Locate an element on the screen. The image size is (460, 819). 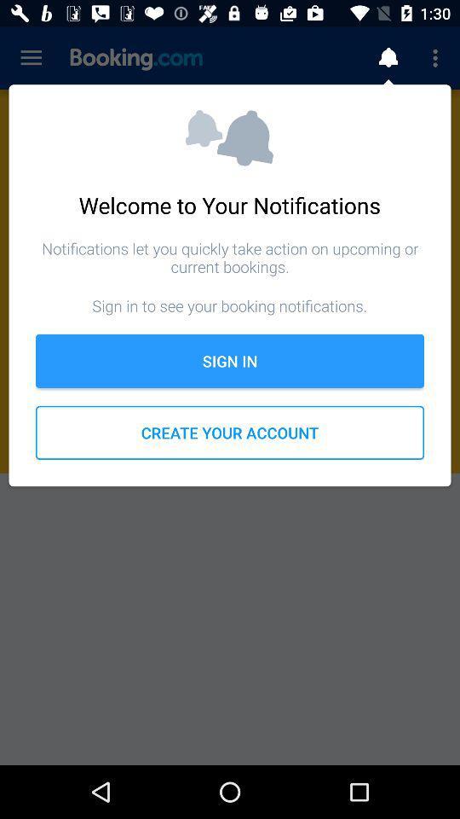
notification is located at coordinates (388, 58).